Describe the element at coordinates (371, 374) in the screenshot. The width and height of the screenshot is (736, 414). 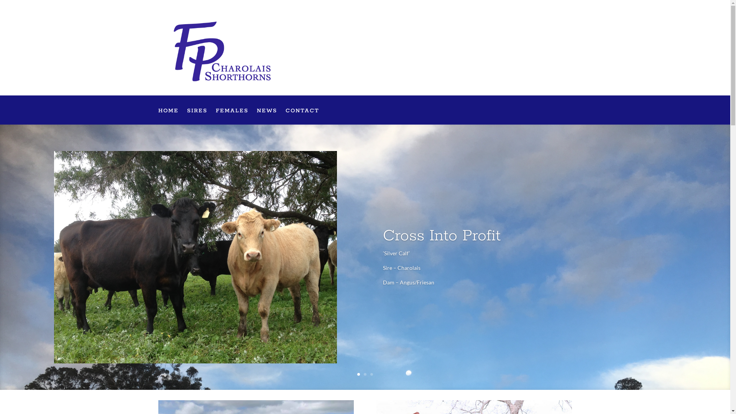
I see `'3'` at that location.